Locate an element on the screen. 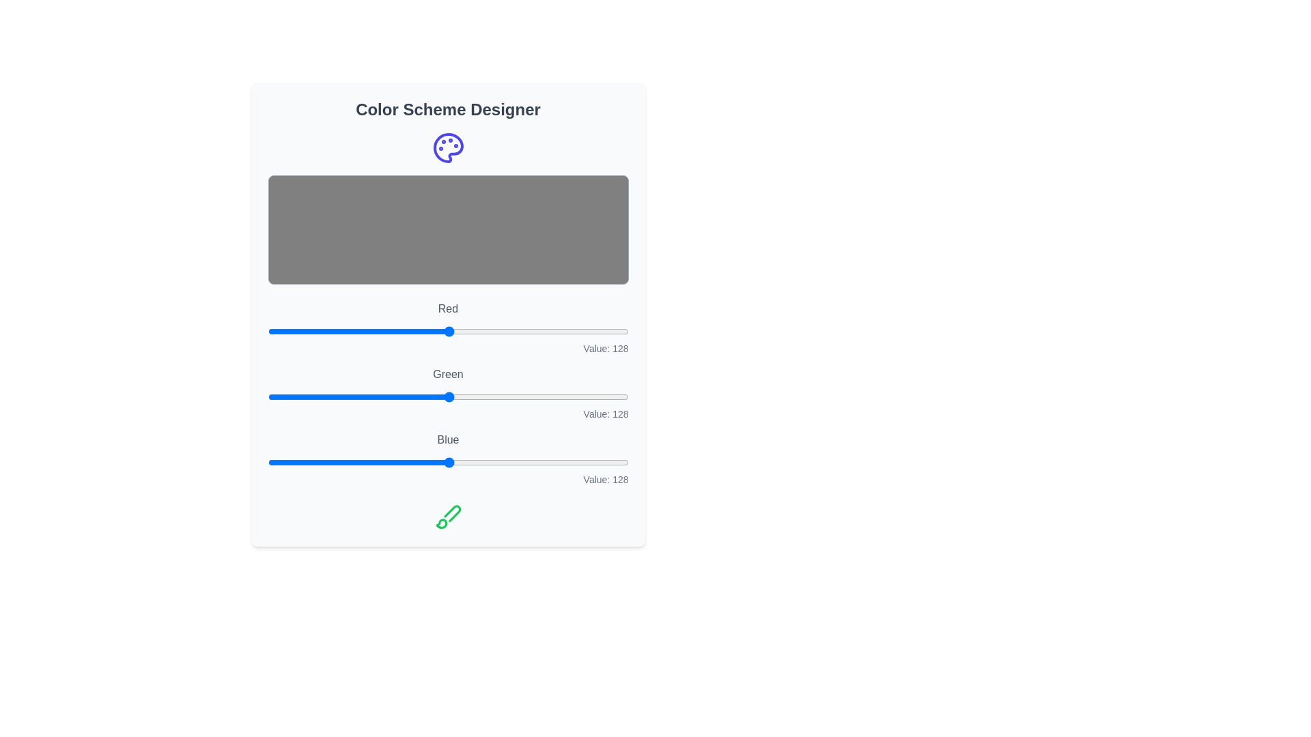 This screenshot has width=1311, height=737. the slider value is located at coordinates (391, 462).